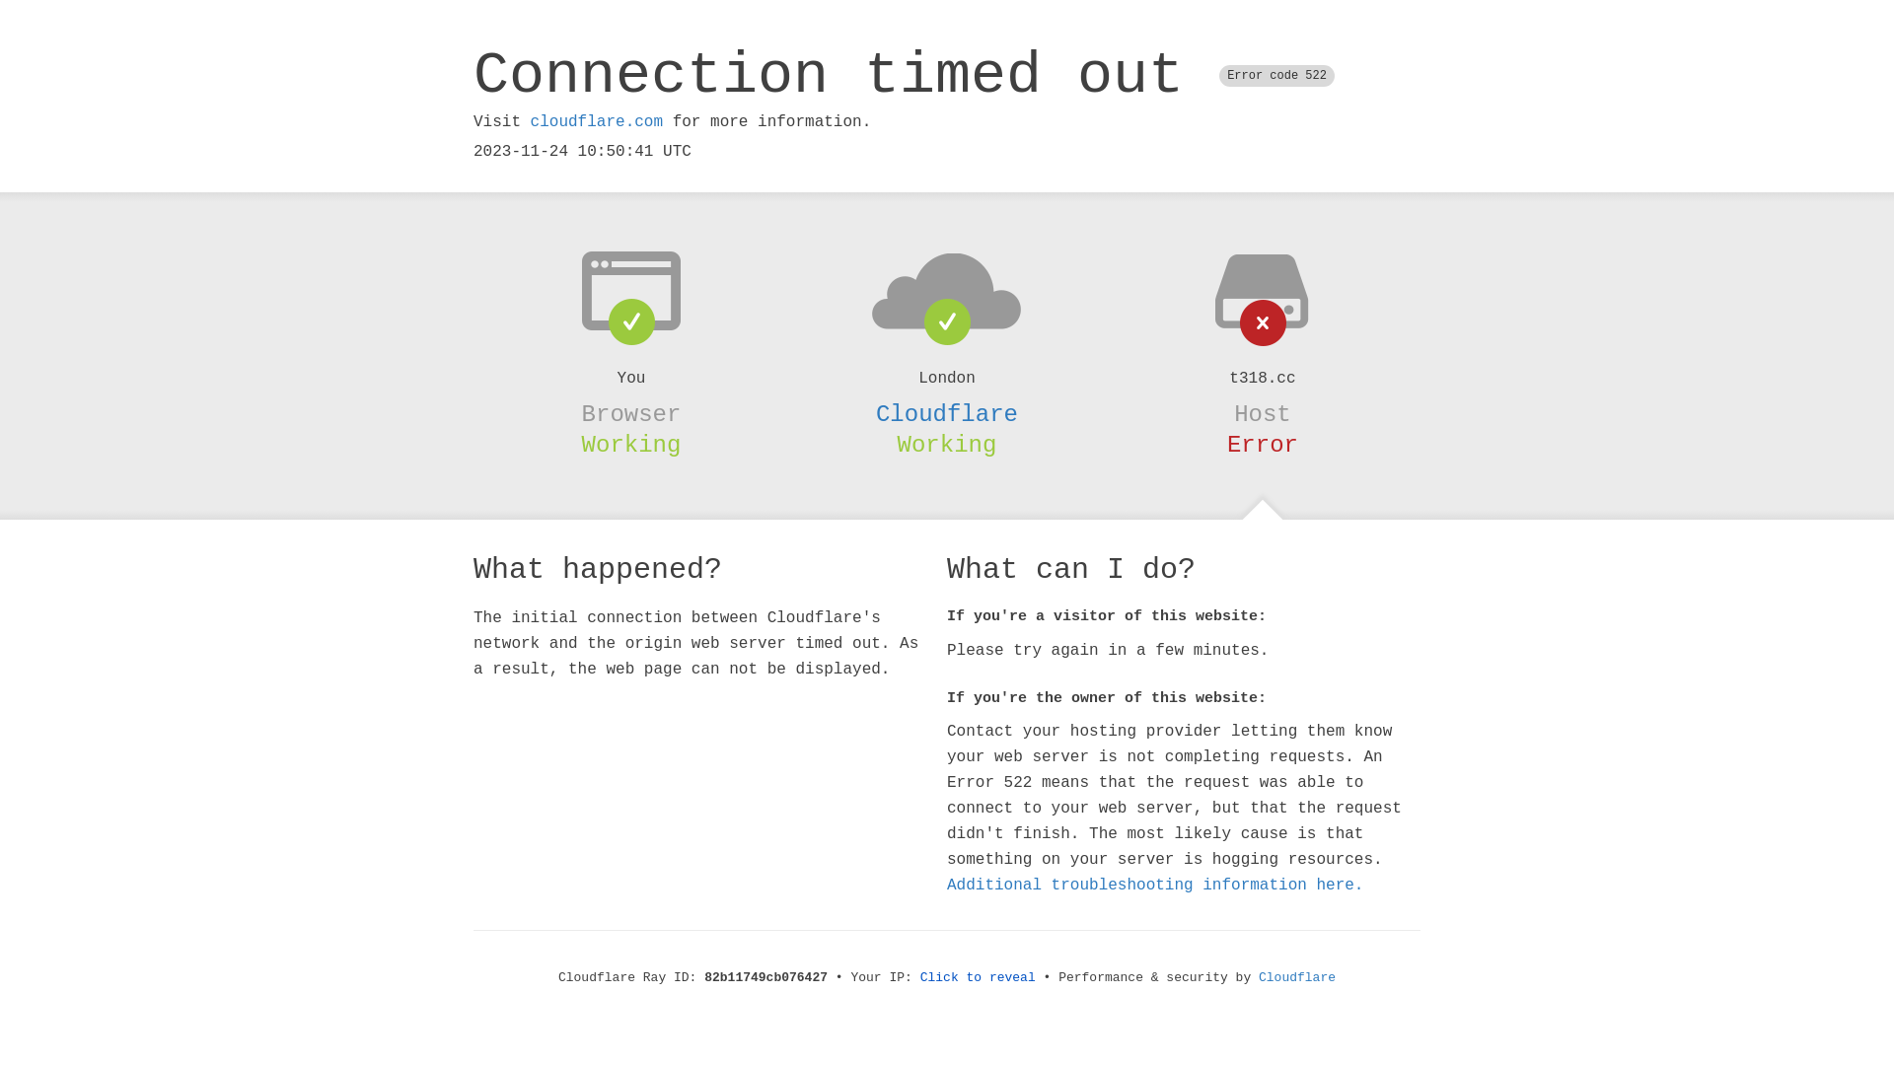 The width and height of the screenshot is (1894, 1065). What do you see at coordinates (530, 121) in the screenshot?
I see `'cloudflare.com'` at bounding box center [530, 121].